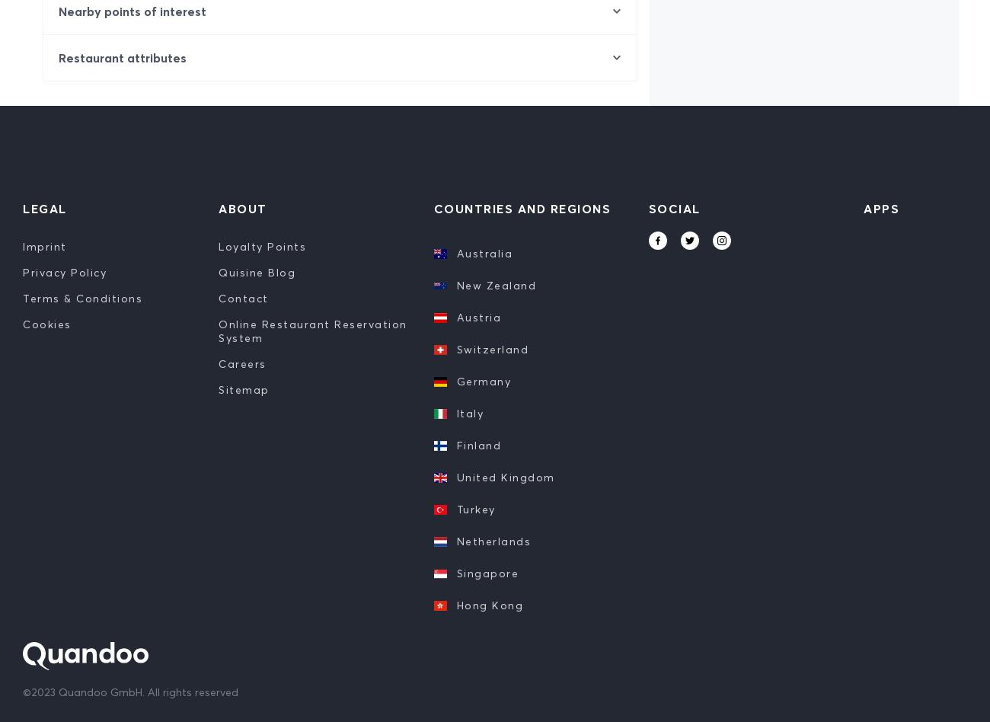 This screenshot has width=990, height=722. I want to click on 'Contact', so click(219, 297).